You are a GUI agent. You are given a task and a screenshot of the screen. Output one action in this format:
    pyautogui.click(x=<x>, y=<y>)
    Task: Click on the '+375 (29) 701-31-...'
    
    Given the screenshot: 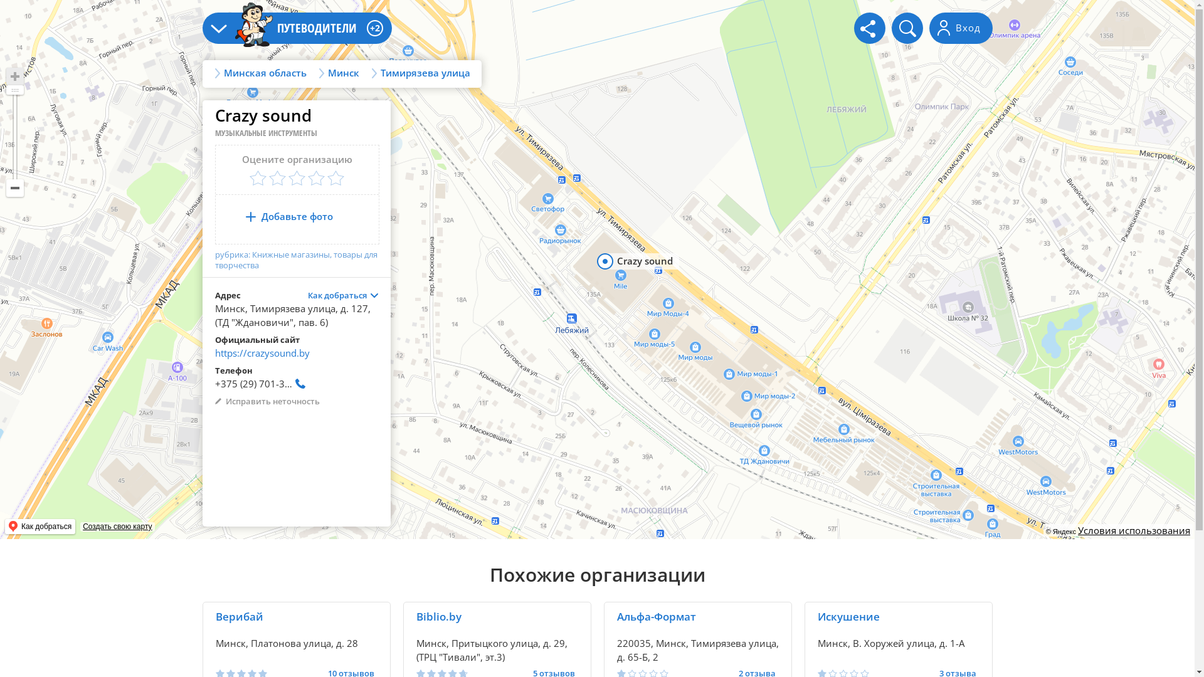 What is the action you would take?
    pyautogui.click(x=261, y=386)
    